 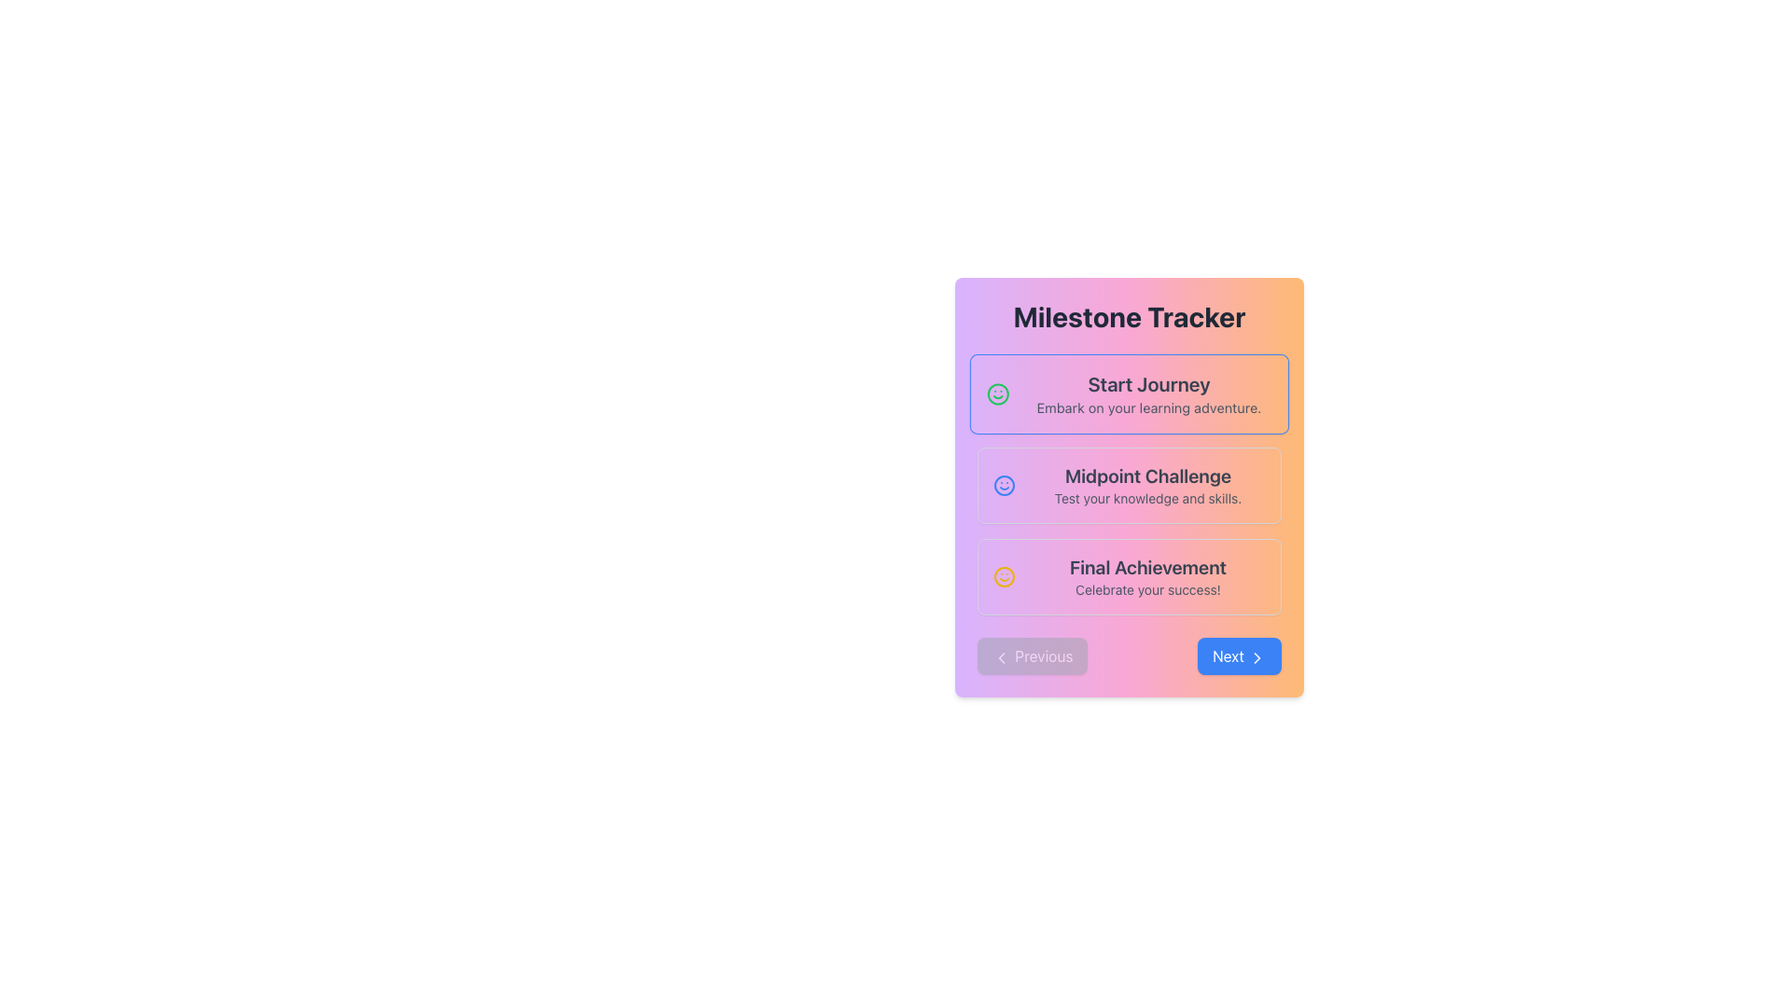 I want to click on the icon located at the far right end of the blue 'Next' button in the milestone tracker card layout to interact with the button, so click(x=1257, y=656).